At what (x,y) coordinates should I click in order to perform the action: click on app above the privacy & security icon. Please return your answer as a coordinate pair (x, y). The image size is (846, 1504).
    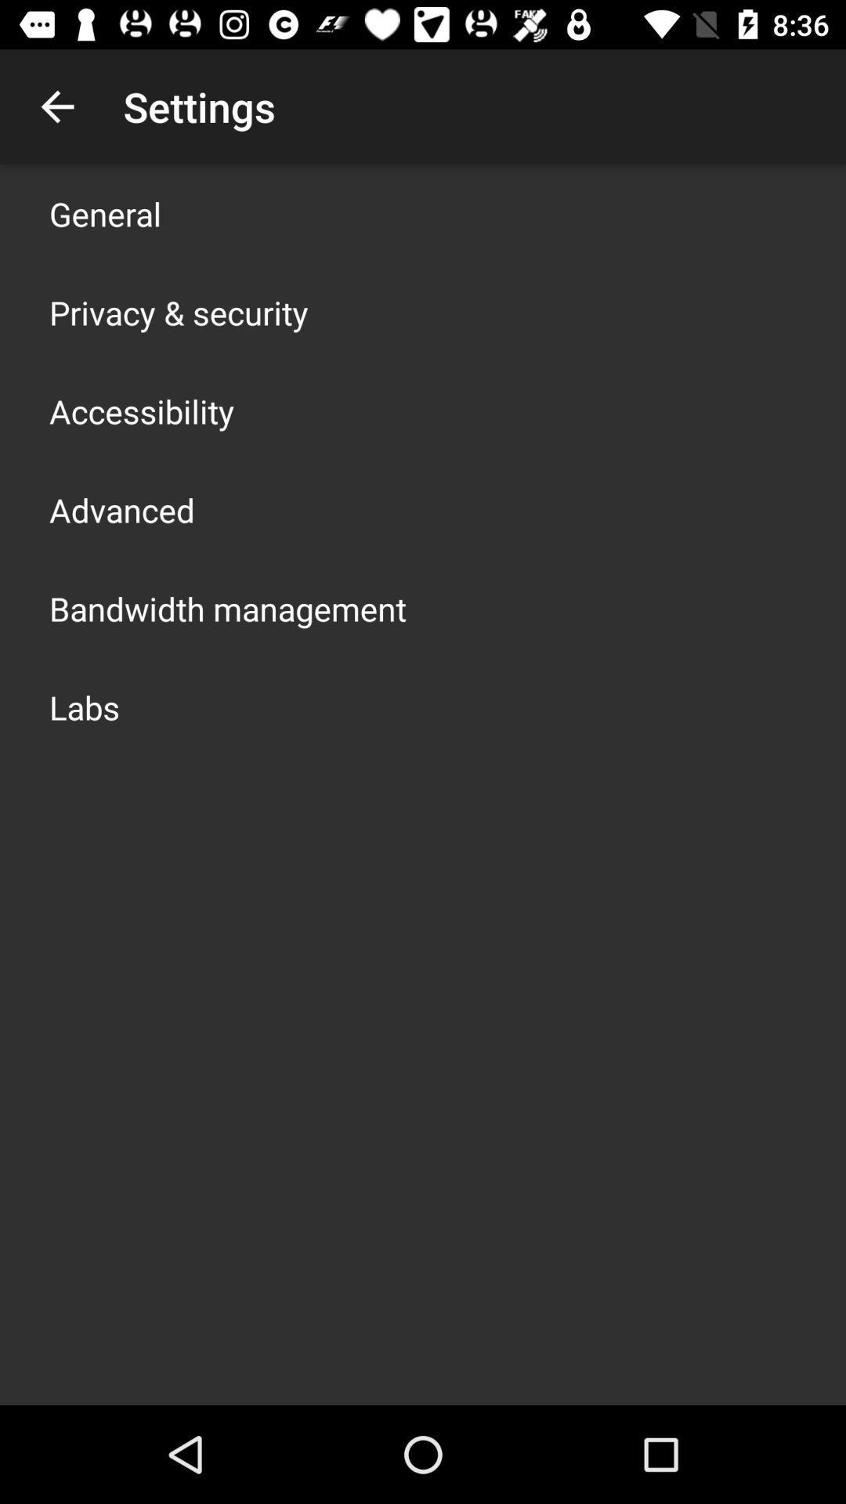
    Looking at the image, I should click on (105, 213).